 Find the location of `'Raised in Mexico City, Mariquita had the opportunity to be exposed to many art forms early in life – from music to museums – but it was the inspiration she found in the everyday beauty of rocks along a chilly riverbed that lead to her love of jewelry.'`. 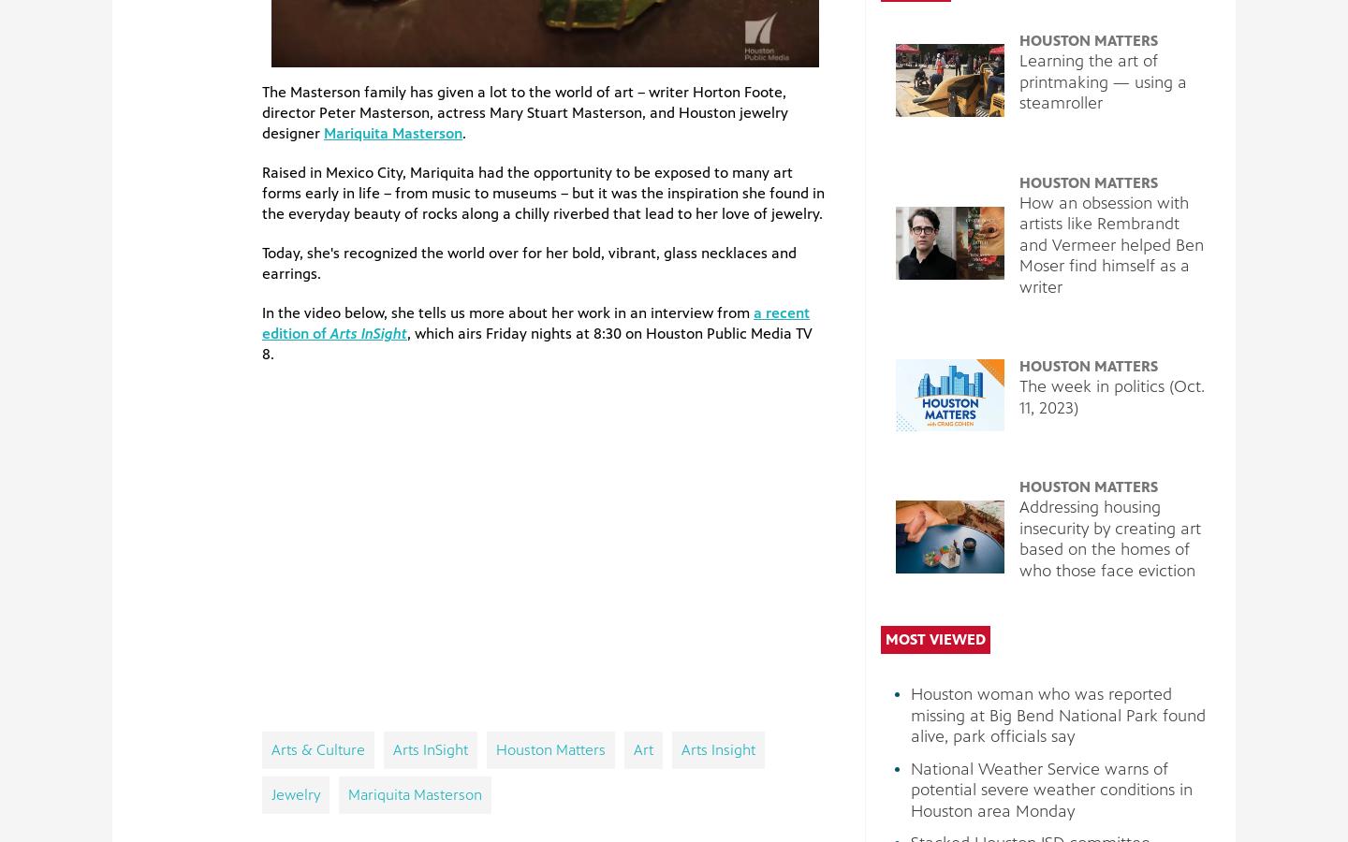

'Raised in Mexico City, Mariquita had the opportunity to be exposed to many art forms early in life – from music to museums – but it was the inspiration she found in the everyday beauty of rocks along a chilly riverbed that lead to her love of jewelry.' is located at coordinates (260, 193).